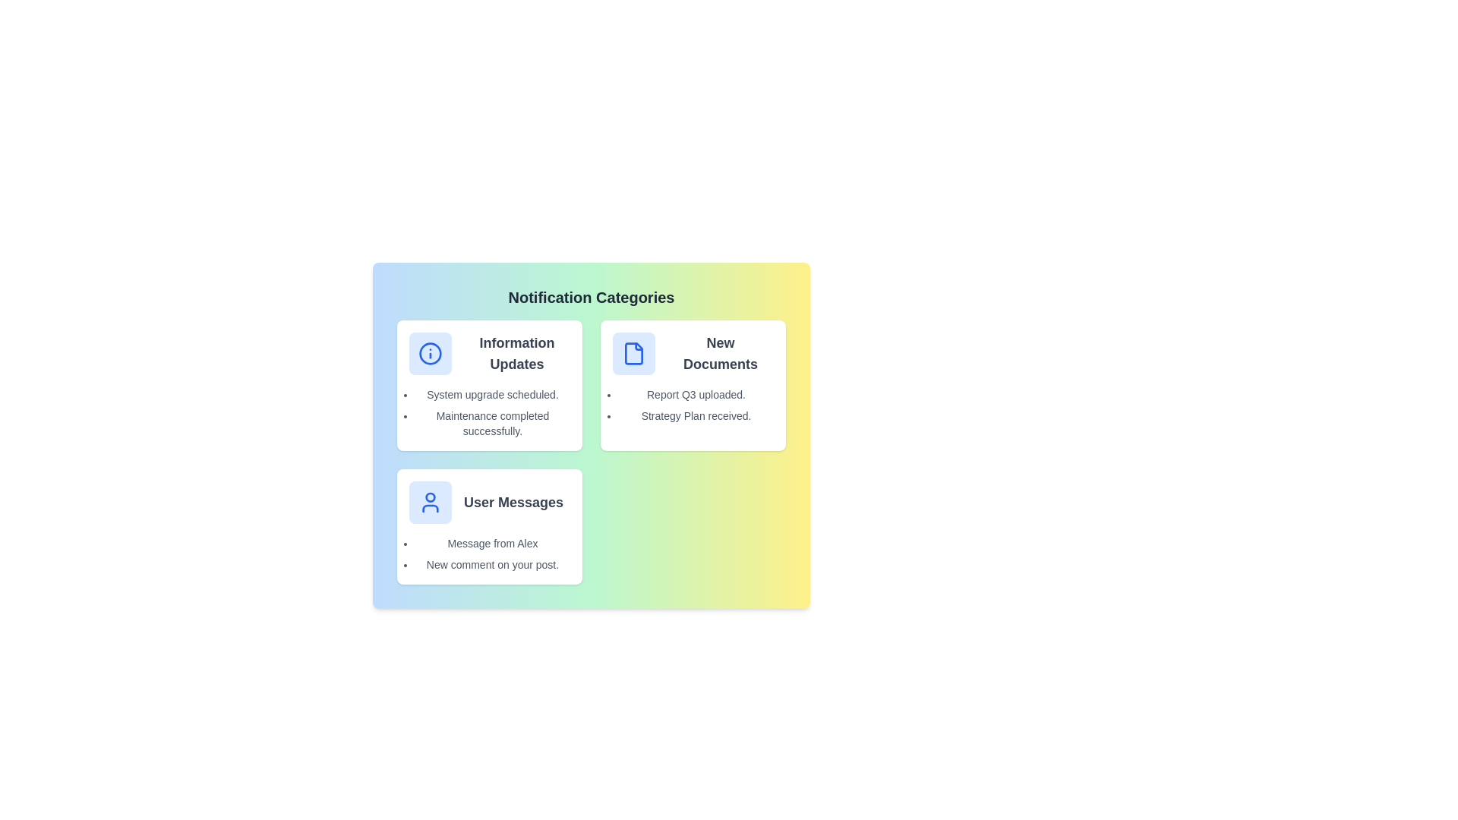 The image size is (1458, 820). Describe the element at coordinates (429, 354) in the screenshot. I see `the icon of Information Updates to display its tooltip` at that location.